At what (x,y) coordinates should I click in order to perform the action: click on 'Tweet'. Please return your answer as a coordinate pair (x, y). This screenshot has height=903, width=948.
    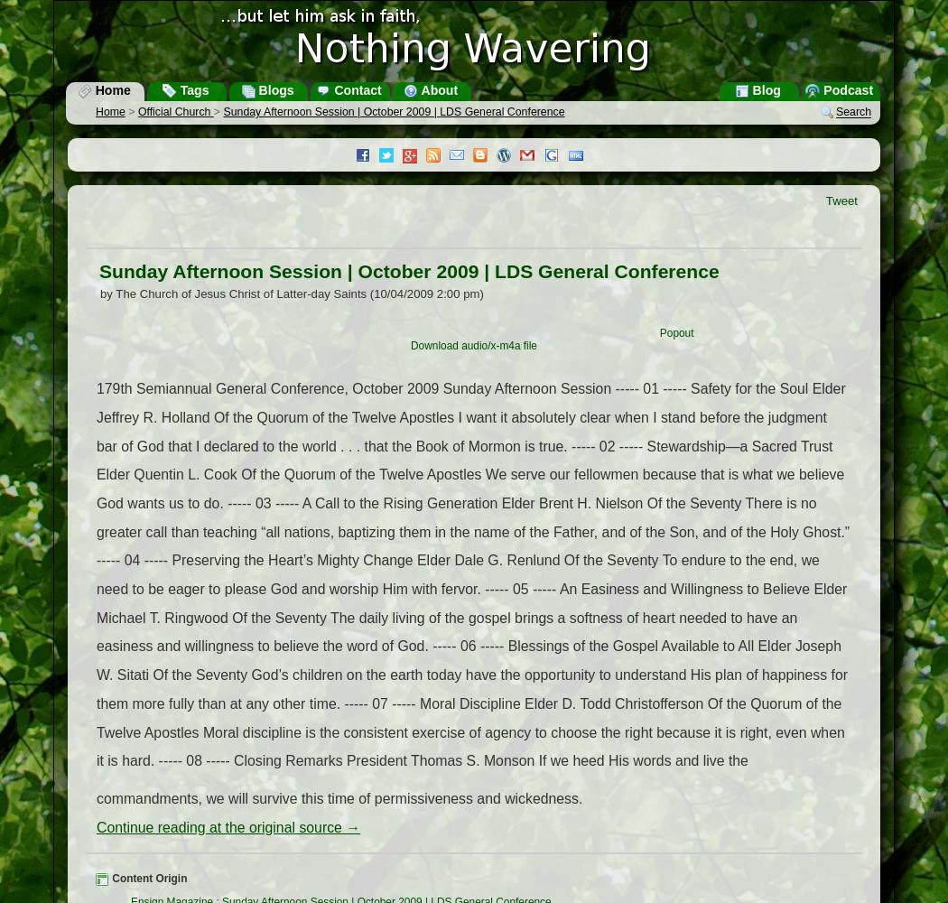
    Looking at the image, I should click on (841, 200).